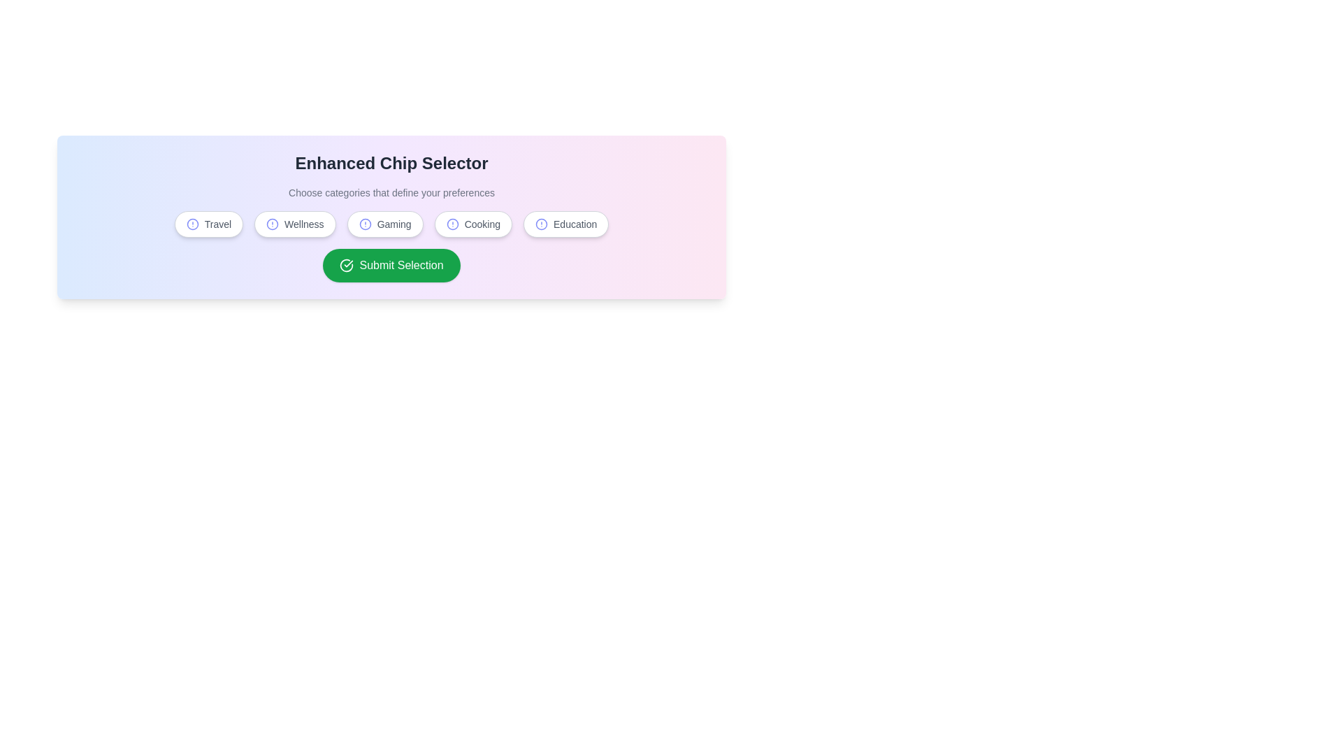 The width and height of the screenshot is (1342, 755). I want to click on the 'Submit Selection' button to confirm the selected categories, so click(391, 266).